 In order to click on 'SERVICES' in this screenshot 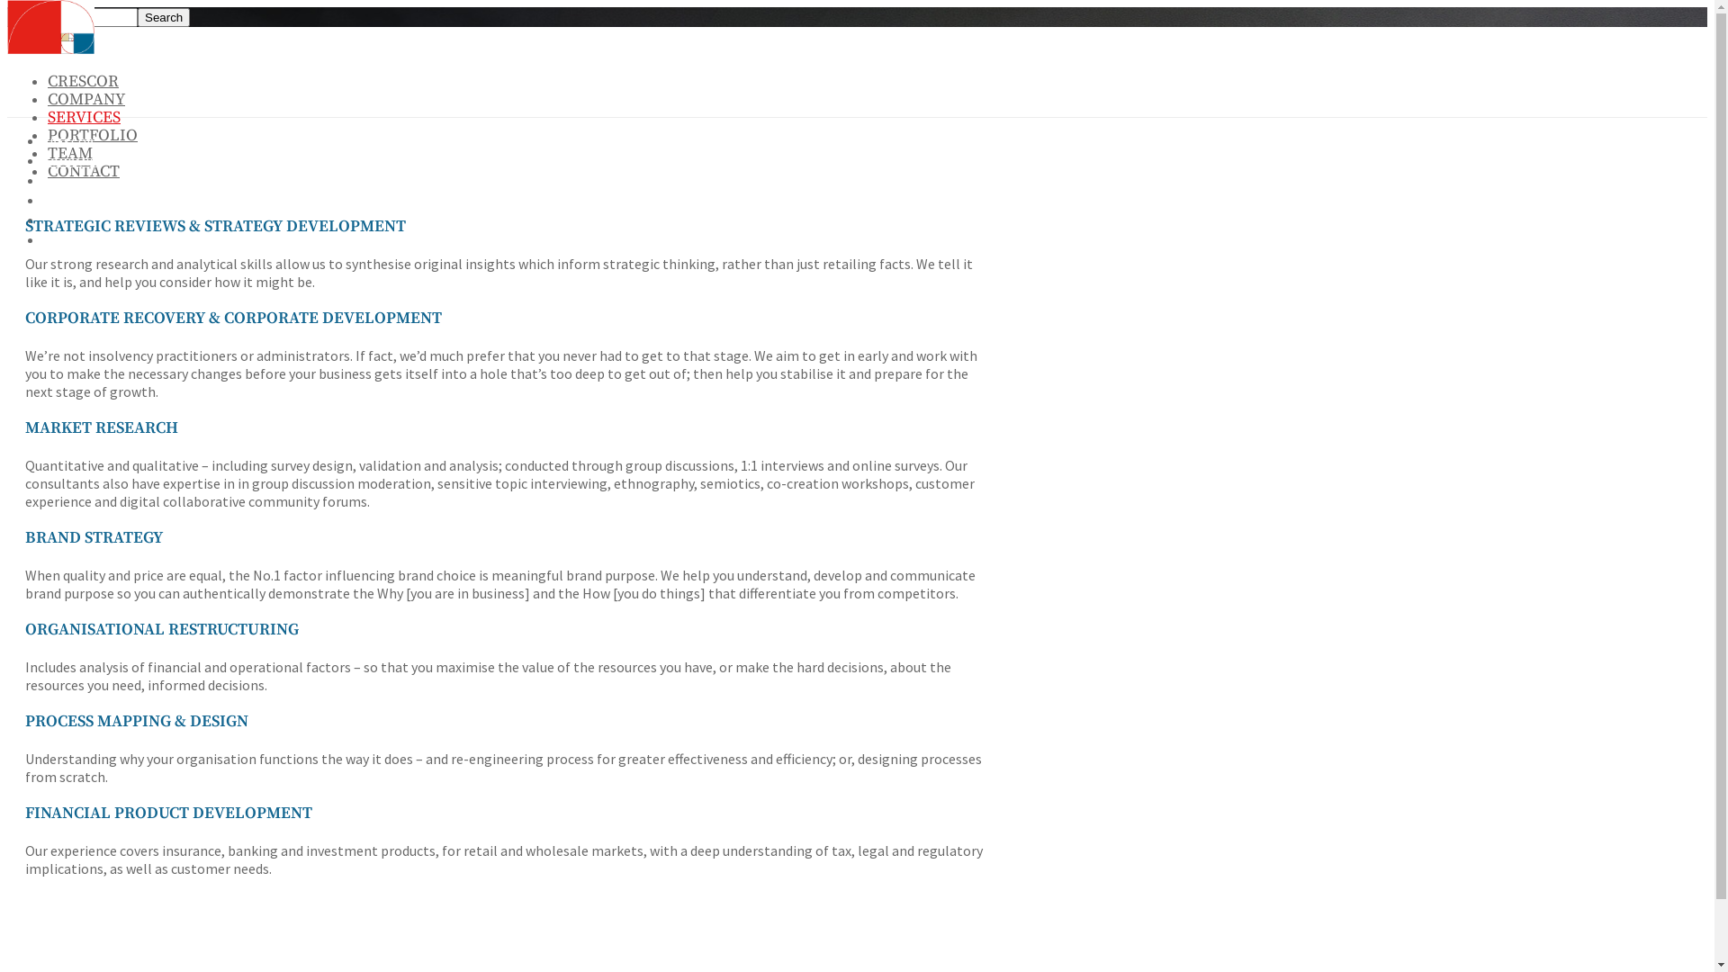, I will do `click(83, 117)`.